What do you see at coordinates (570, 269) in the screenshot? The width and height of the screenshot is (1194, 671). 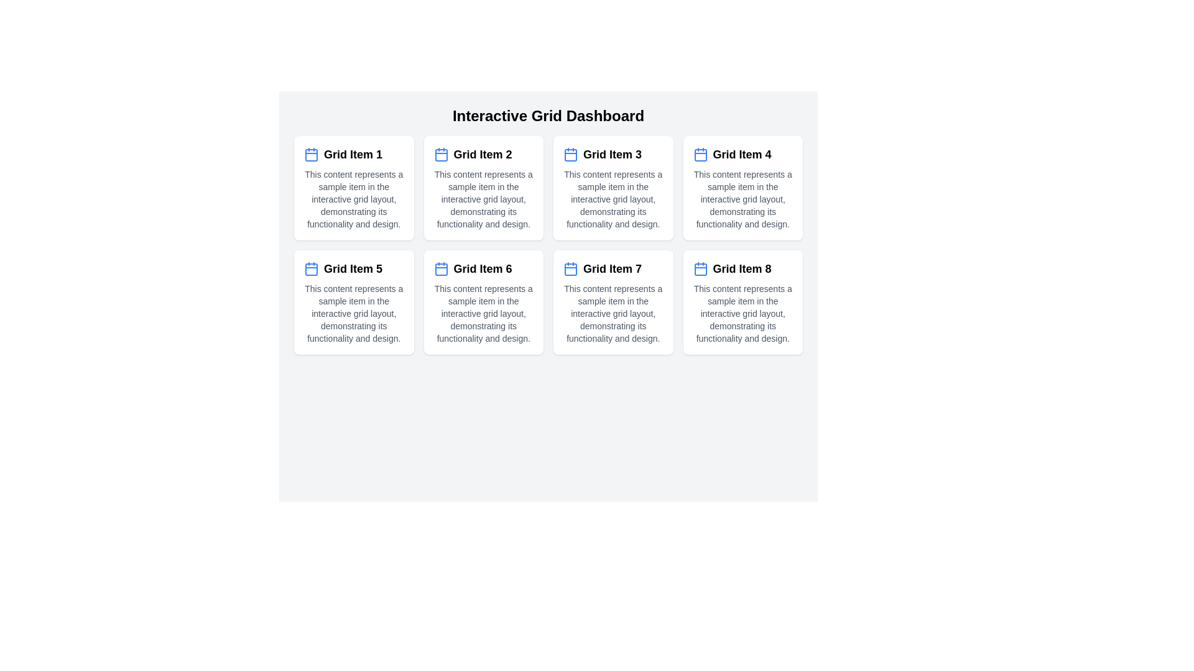 I see `the decorative graphic element that is part of the calendar icon within 'Grid Item 7', which is marked with a red indication` at bounding box center [570, 269].